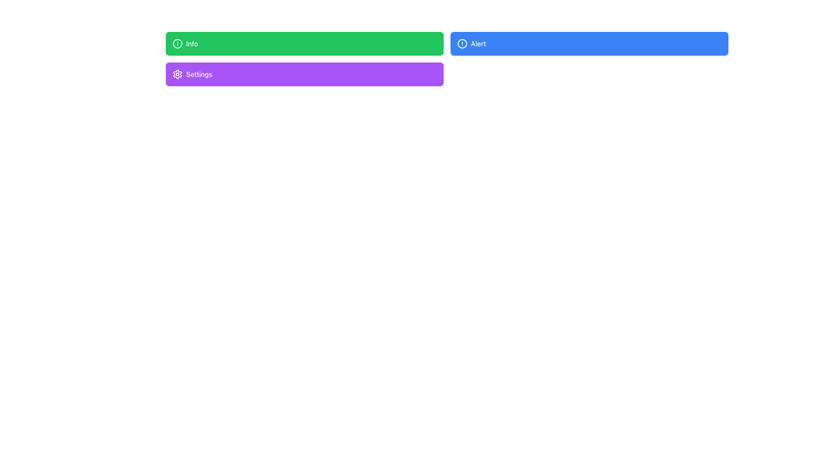  What do you see at coordinates (304, 74) in the screenshot?
I see `the settings button positioned directly below the green 'Info' button and horizontally aligned with the blue 'Alert' button` at bounding box center [304, 74].